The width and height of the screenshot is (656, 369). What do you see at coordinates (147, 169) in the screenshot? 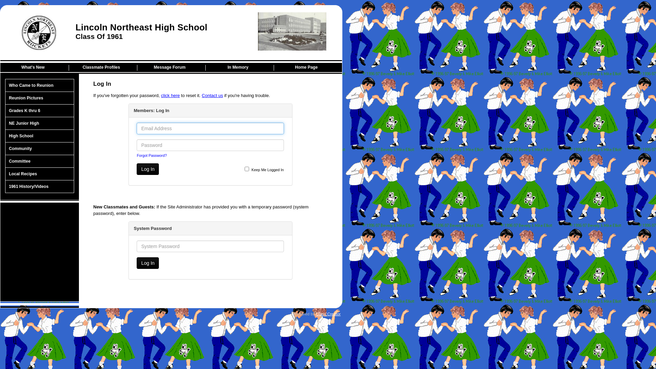
I see `'Log In'` at bounding box center [147, 169].